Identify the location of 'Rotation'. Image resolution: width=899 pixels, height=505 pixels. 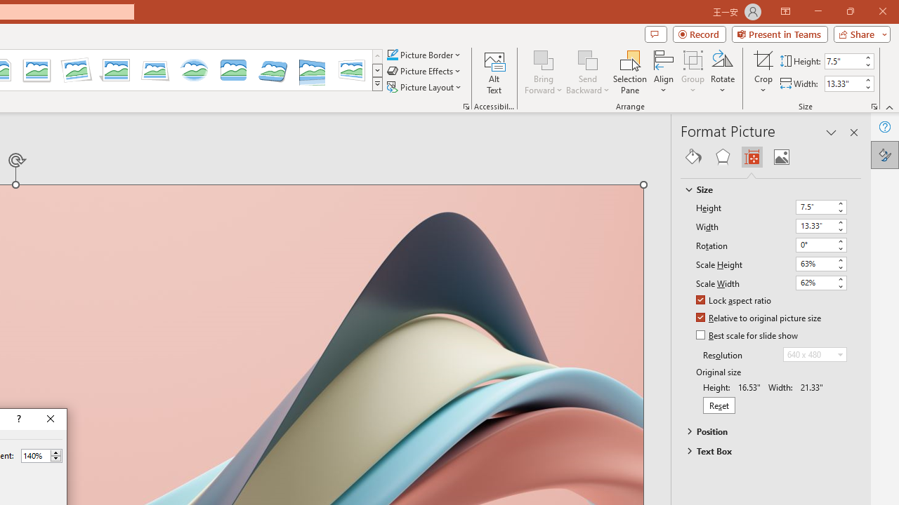
(821, 244).